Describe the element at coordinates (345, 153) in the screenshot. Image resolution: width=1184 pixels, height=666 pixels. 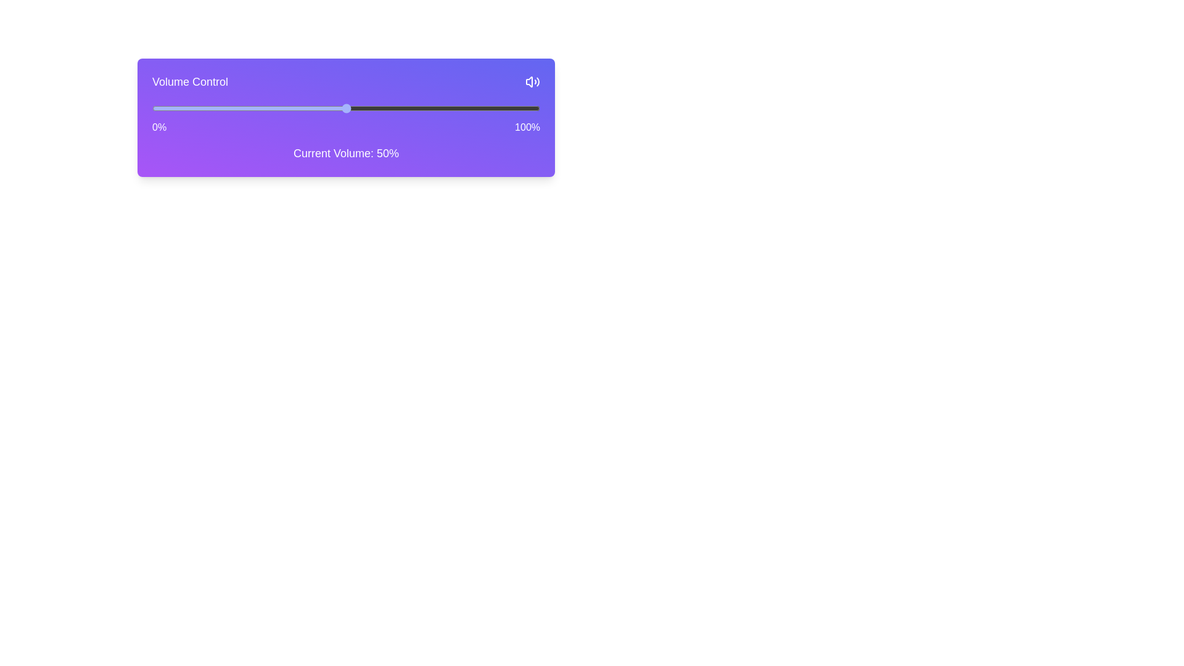
I see `the text label displaying 'Current Volume: 50%' which is centered at the bottom of the Volume Control widget, beneath the volume slider and percentage indicators` at that location.